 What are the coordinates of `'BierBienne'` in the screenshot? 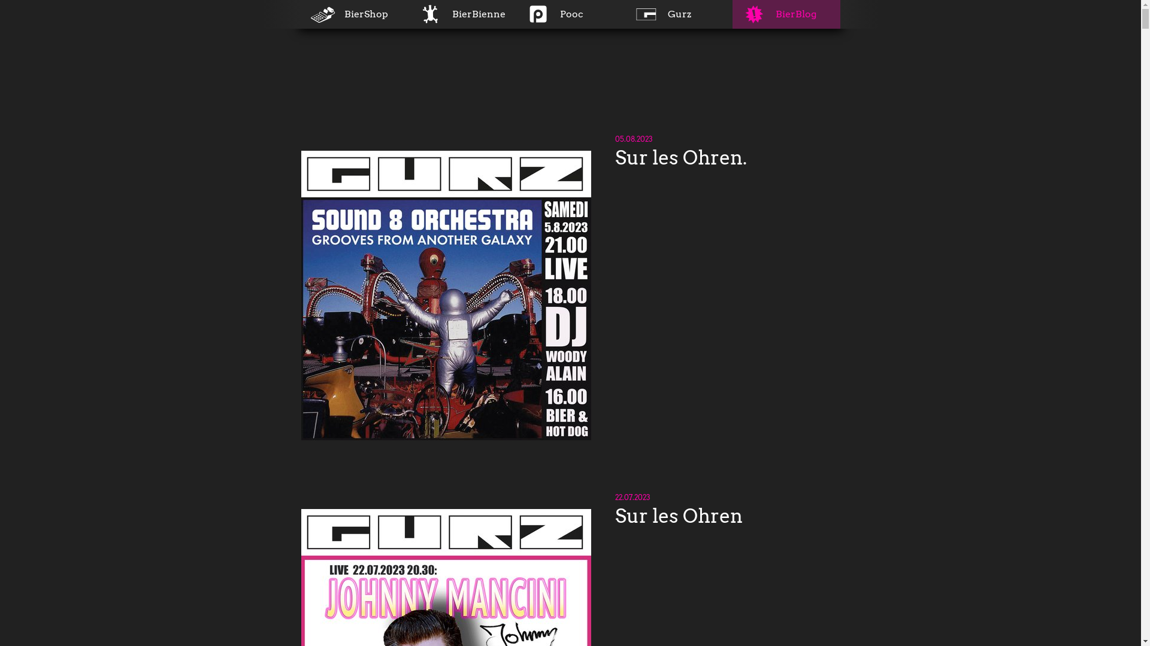 It's located at (462, 14).